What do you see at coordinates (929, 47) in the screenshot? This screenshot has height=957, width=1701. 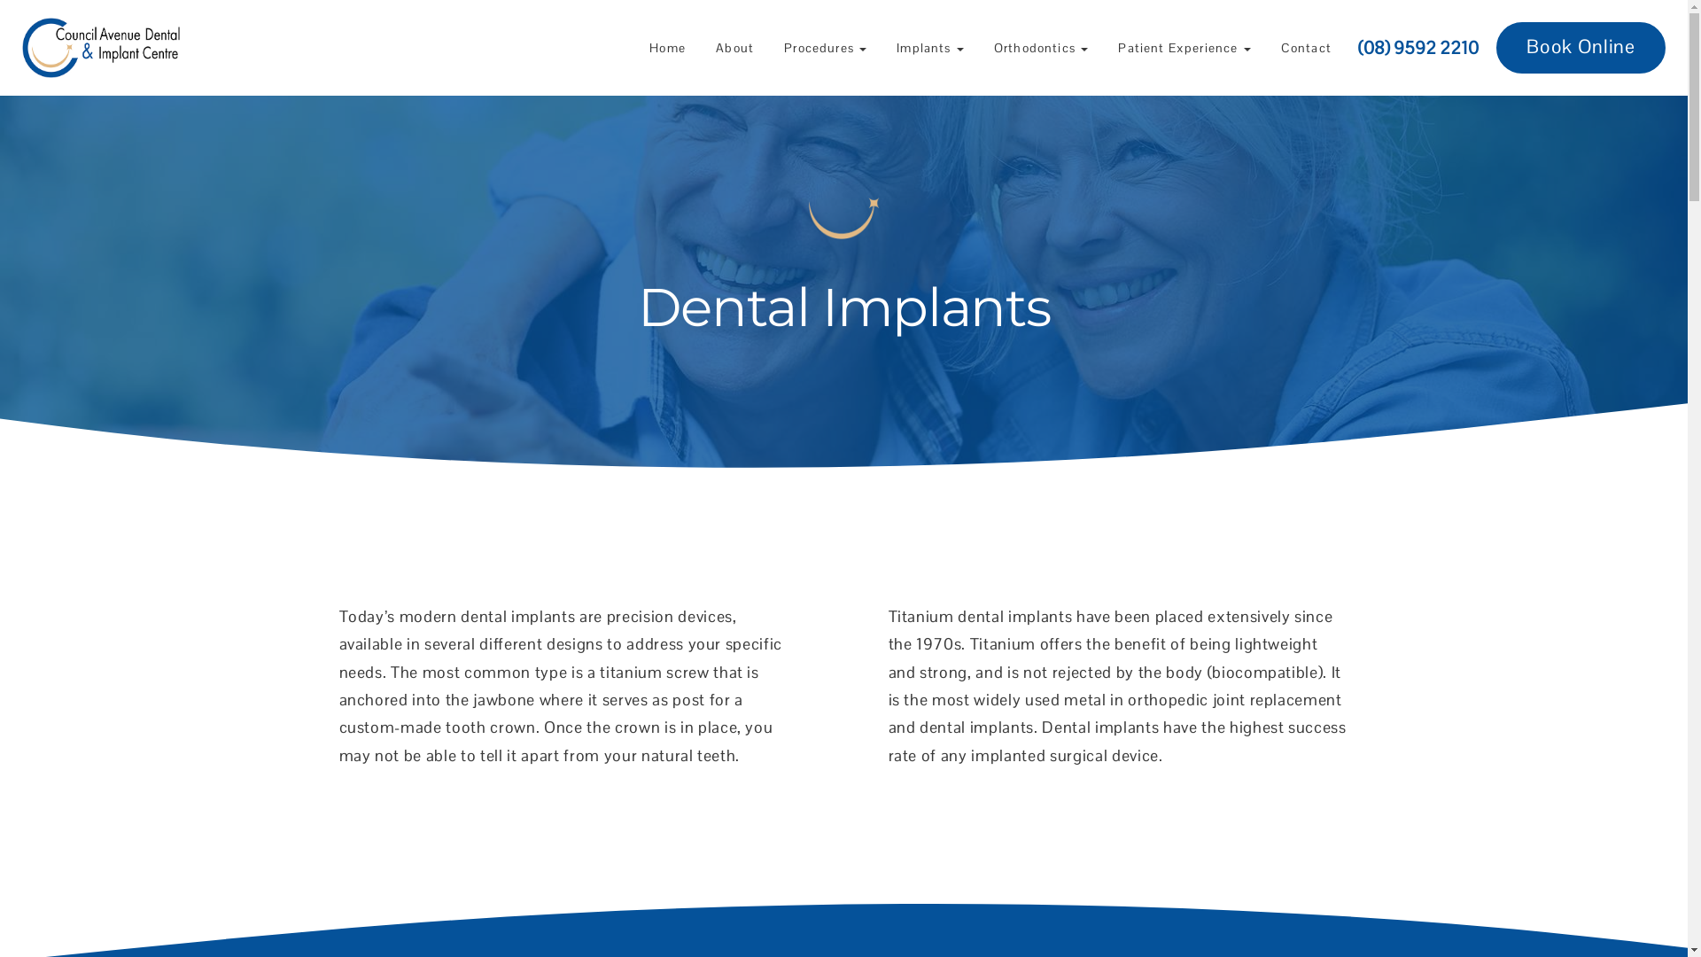 I see `'Implants'` at bounding box center [929, 47].